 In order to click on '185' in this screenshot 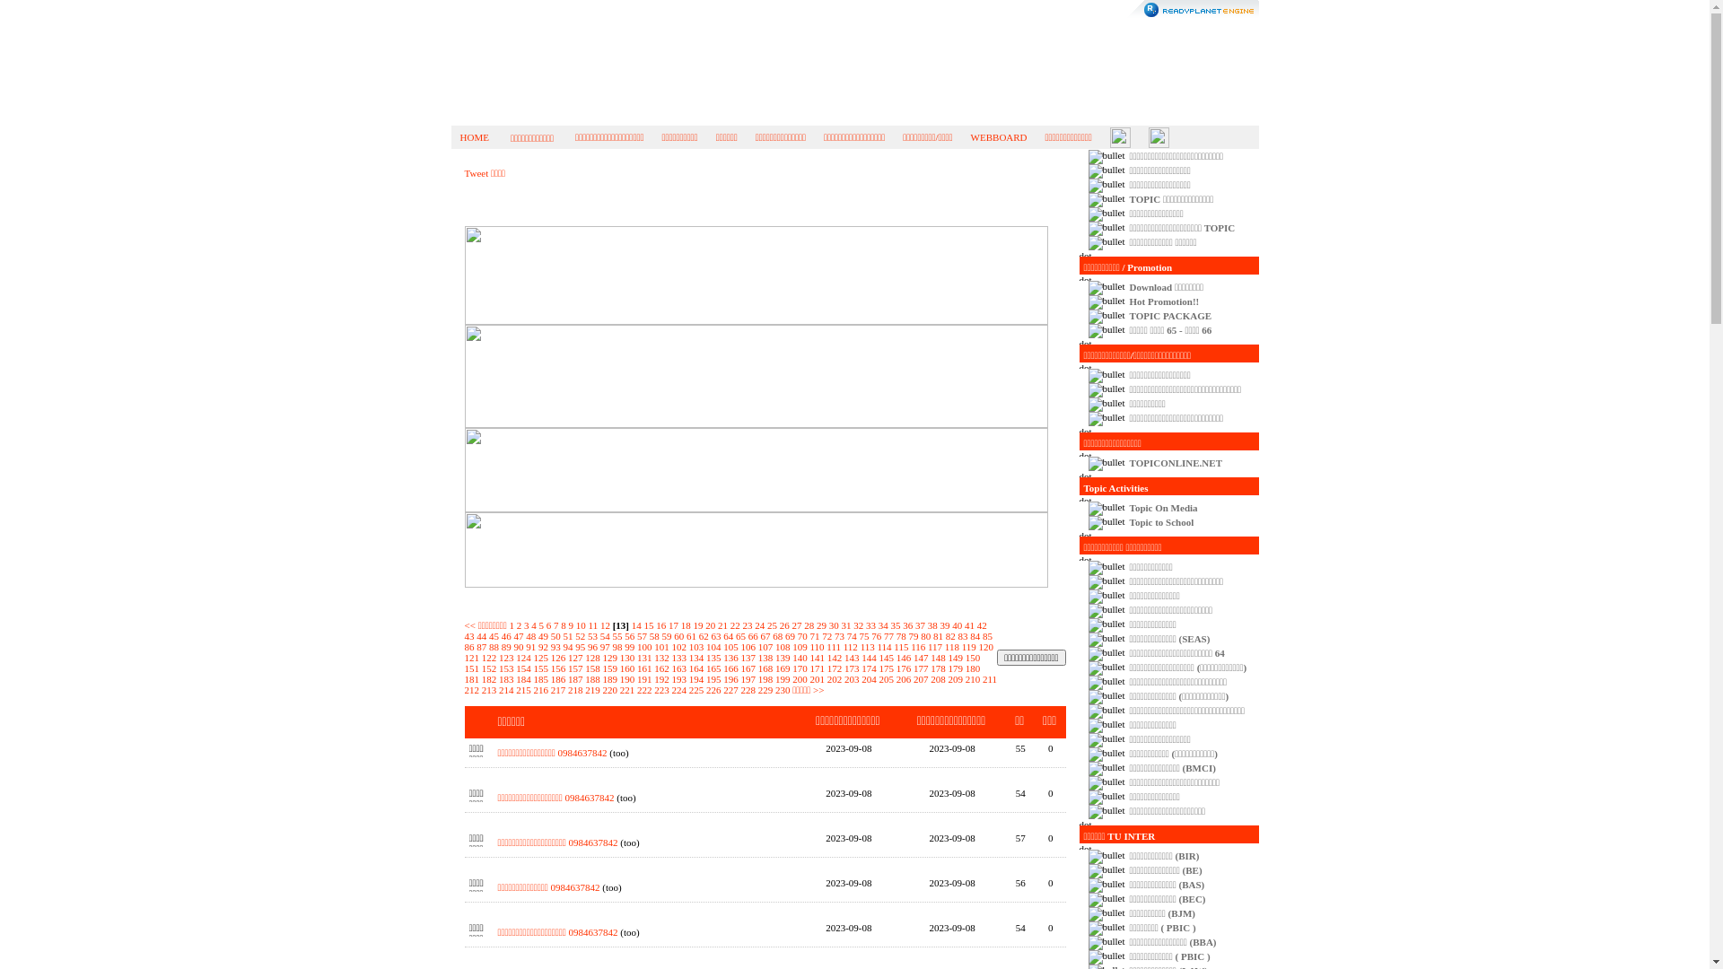, I will do `click(539, 678)`.